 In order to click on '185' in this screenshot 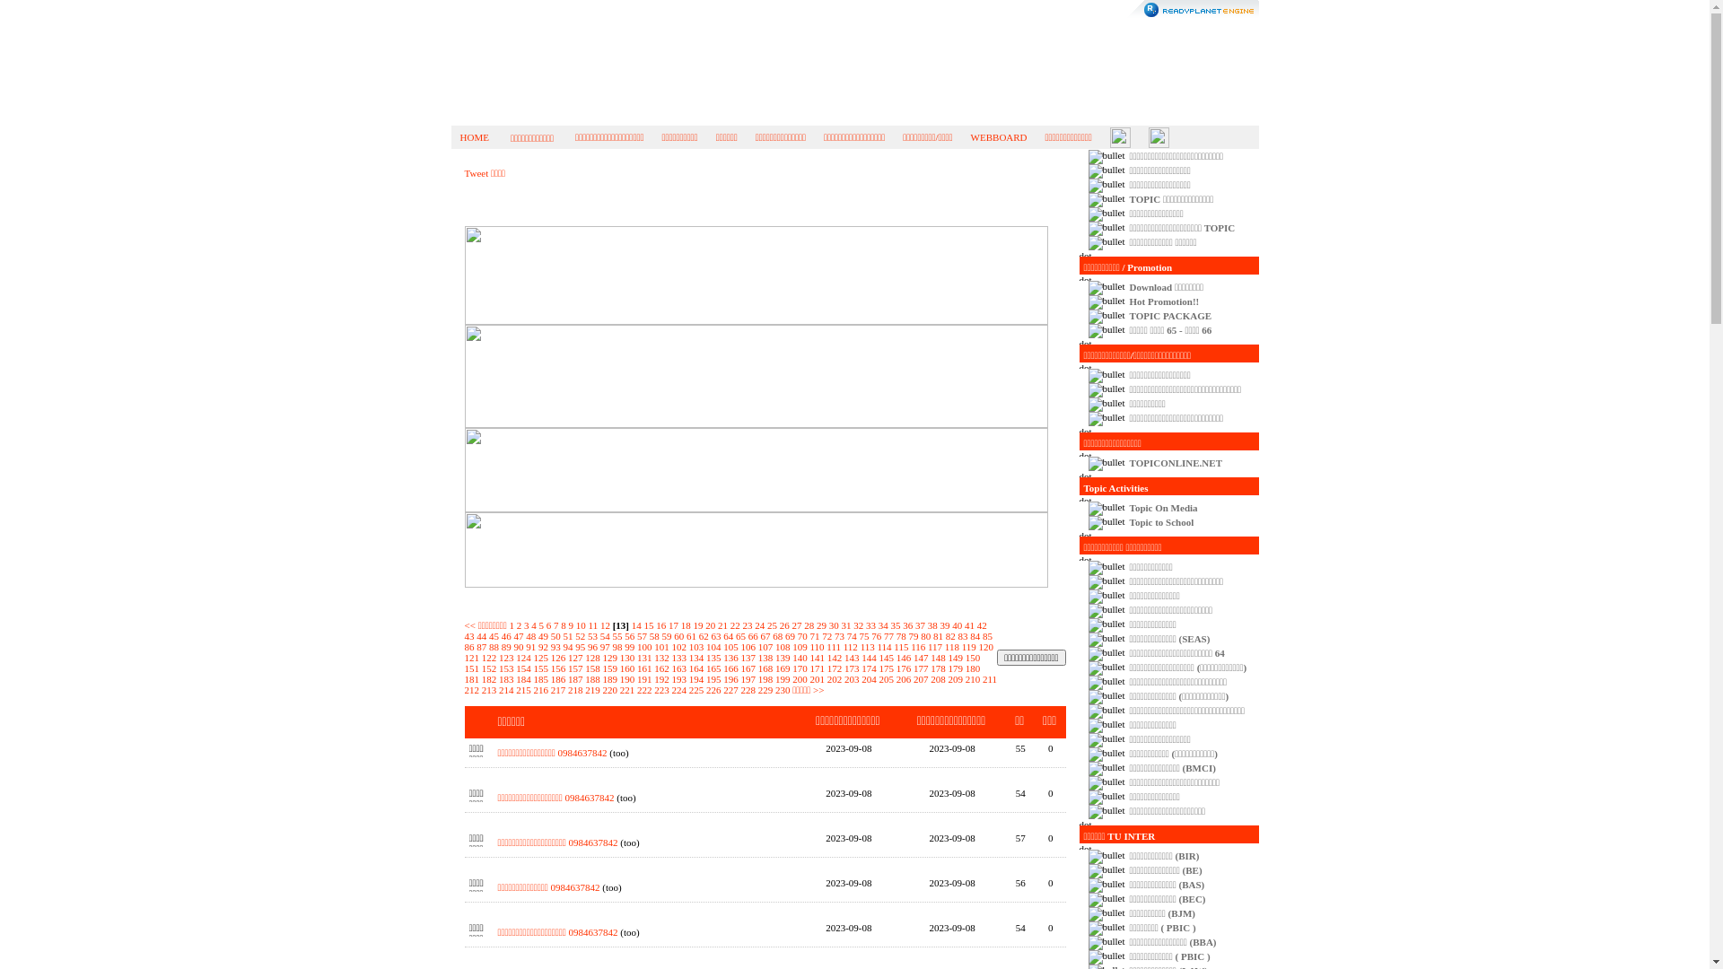, I will do `click(539, 678)`.